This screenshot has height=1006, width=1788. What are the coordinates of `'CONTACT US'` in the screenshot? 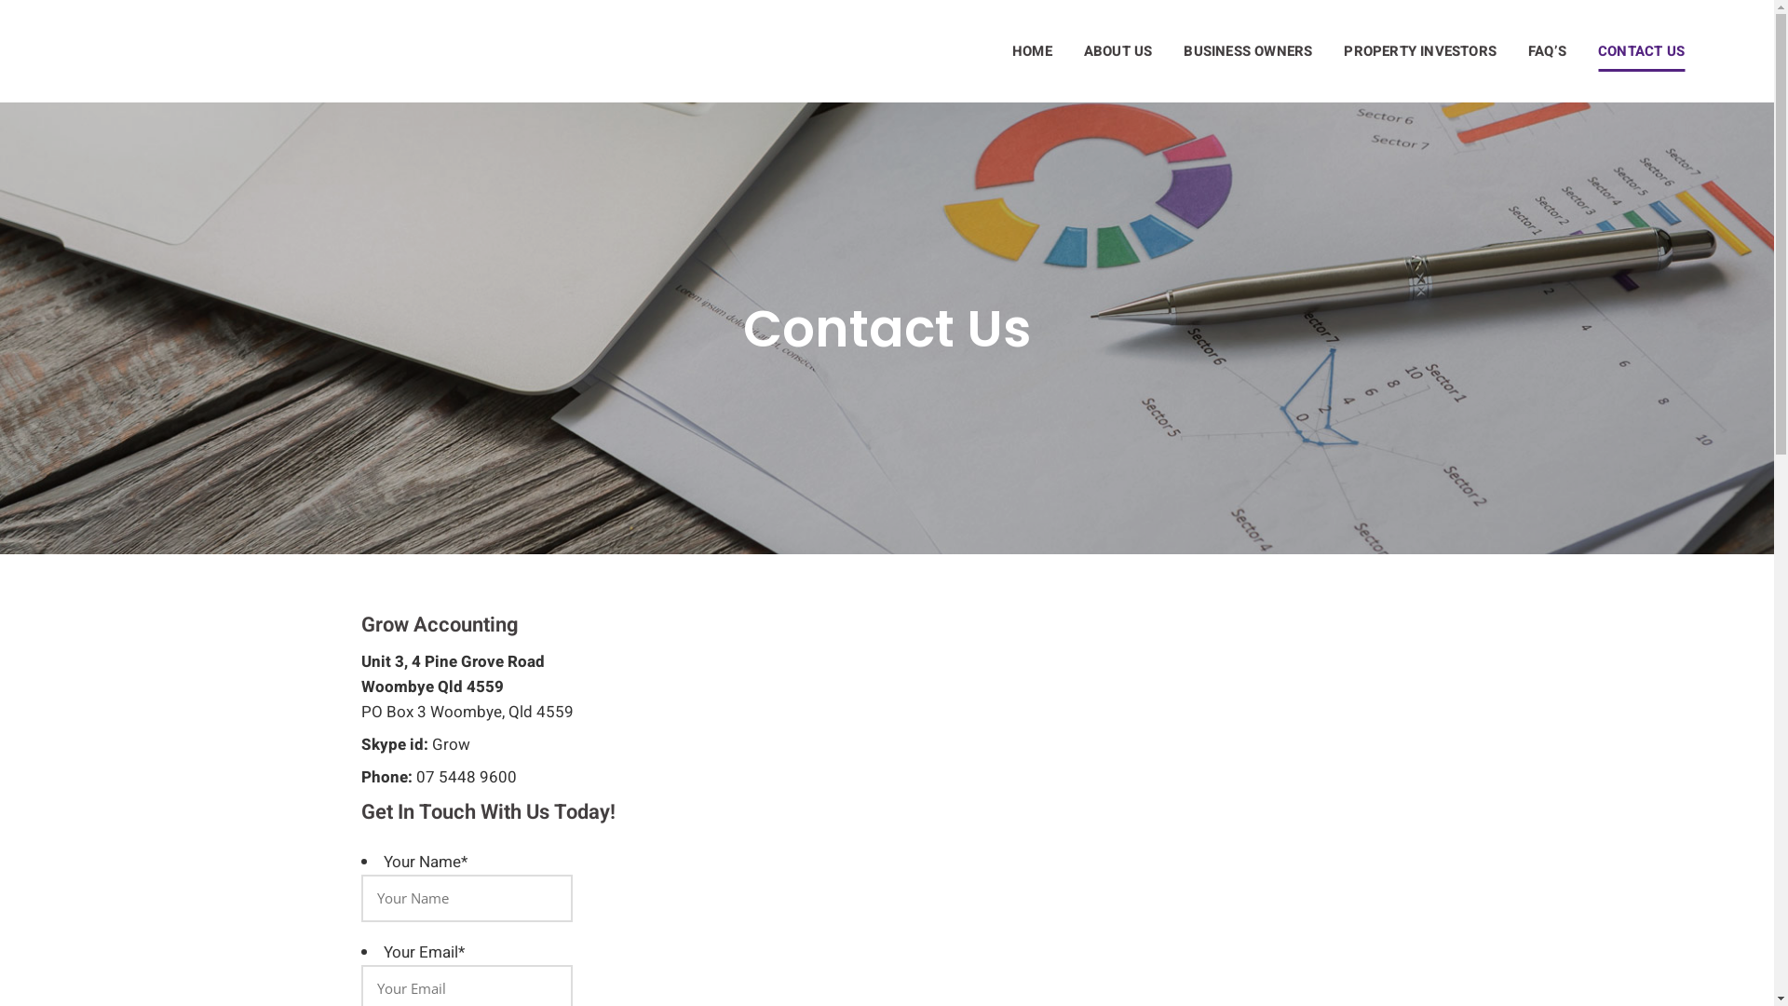 It's located at (1581, 49).